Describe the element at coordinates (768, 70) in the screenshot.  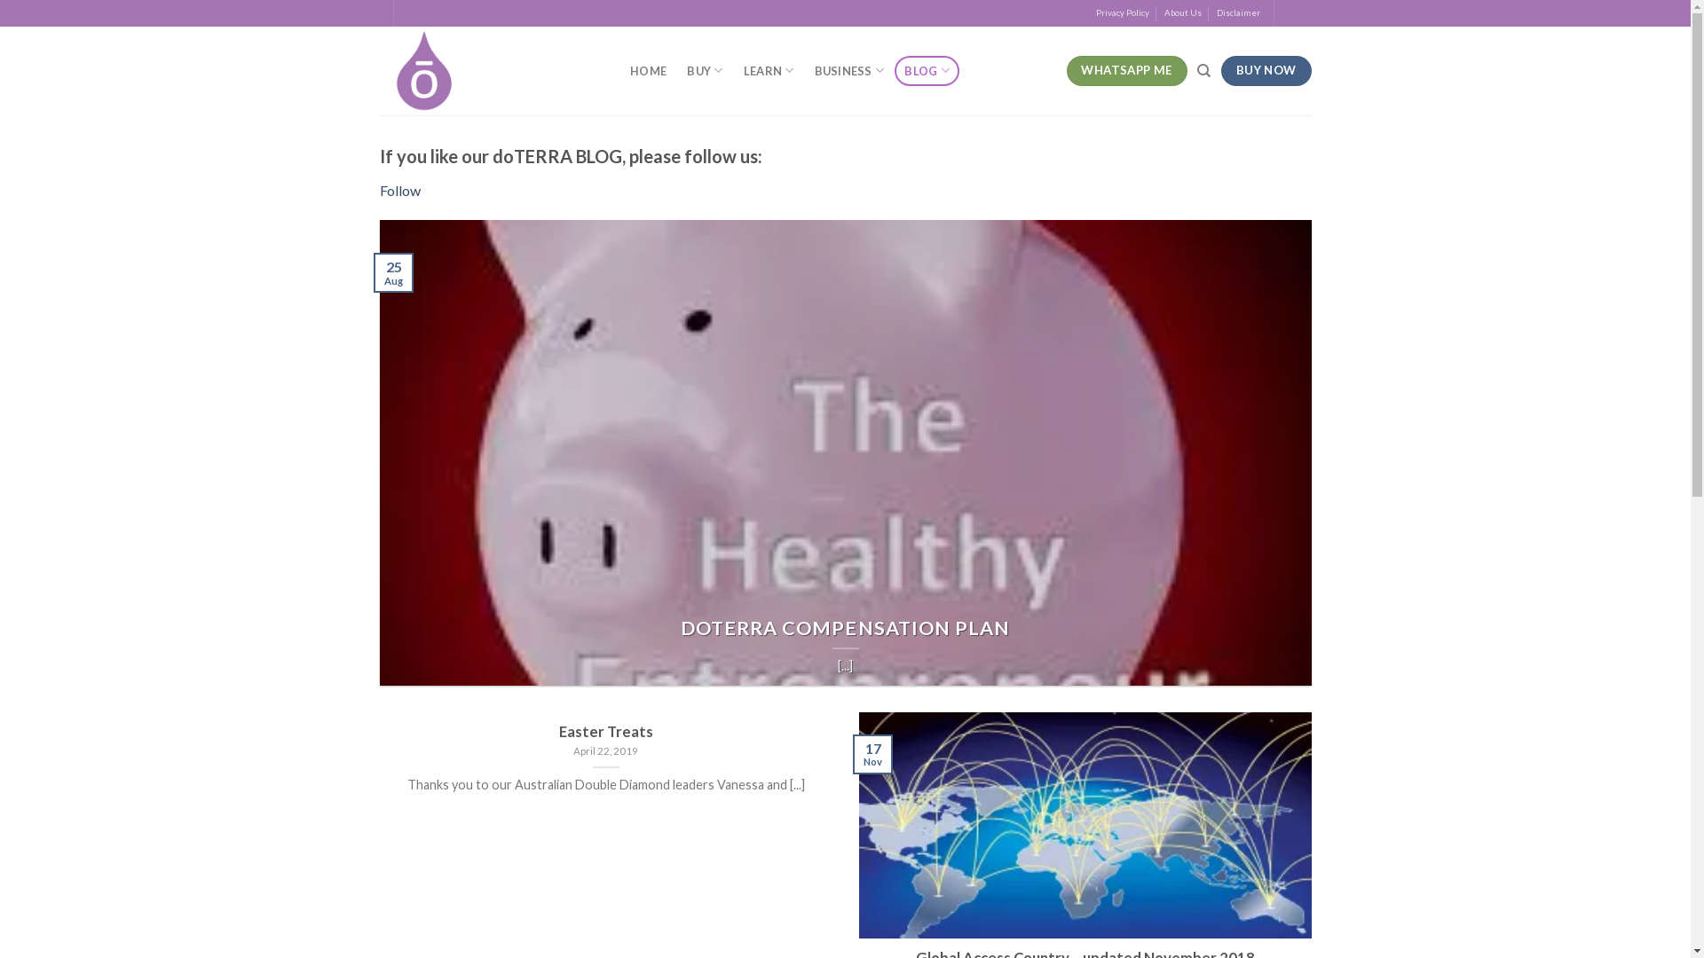
I see `'LEARN'` at that location.